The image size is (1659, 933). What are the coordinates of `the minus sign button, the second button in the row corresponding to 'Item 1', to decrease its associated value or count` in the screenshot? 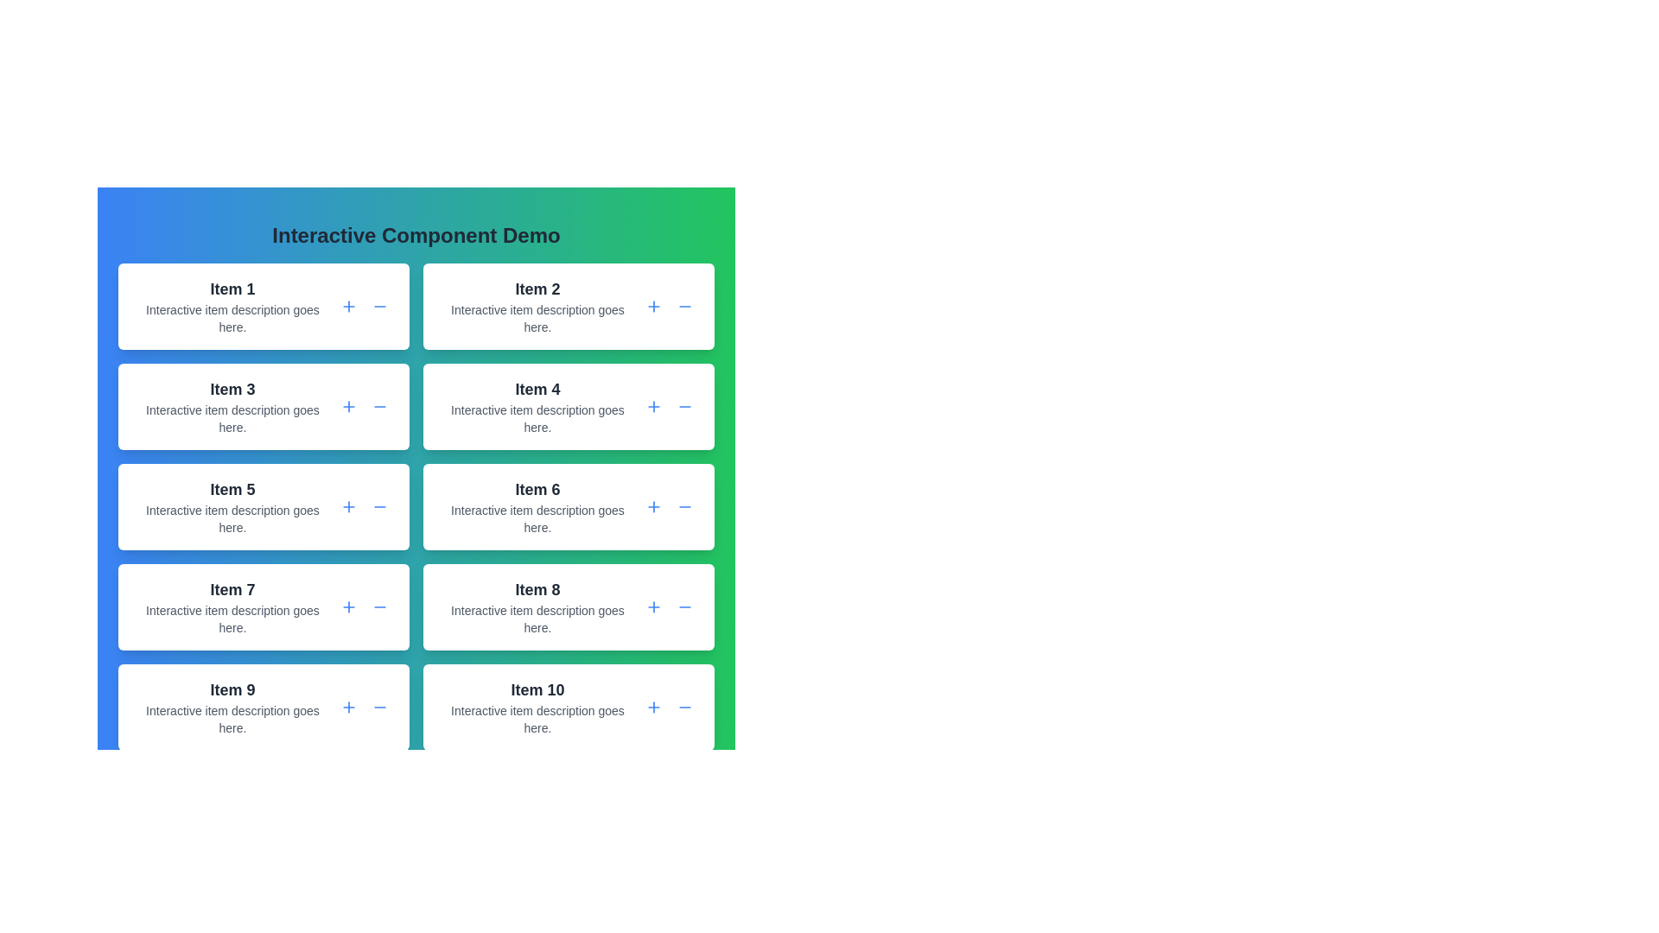 It's located at (379, 305).